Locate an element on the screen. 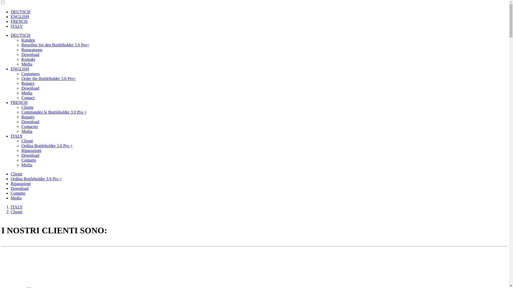  'ITALY' is located at coordinates (17, 26).